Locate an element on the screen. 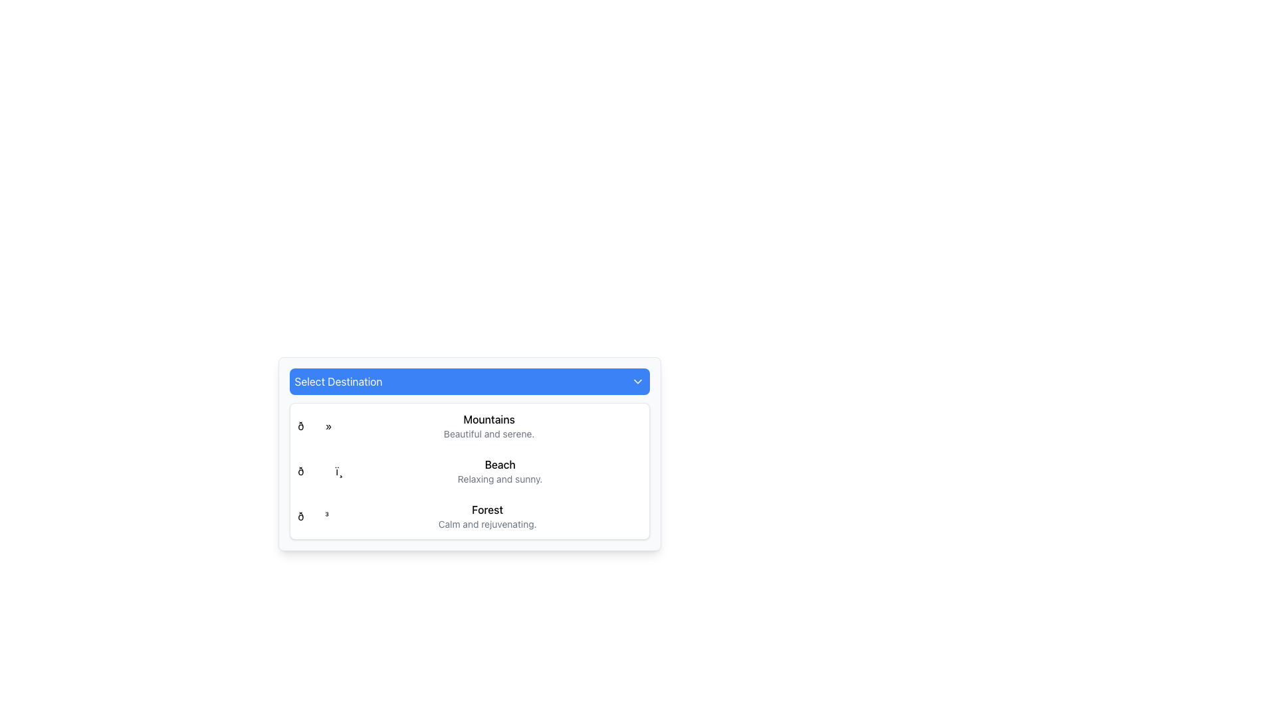 This screenshot has width=1276, height=717. the text element that reads 'Beautiful and serene.' which is styled in a smaller gray font and located directly below the 'Mountains' title text is located at coordinates (488, 434).